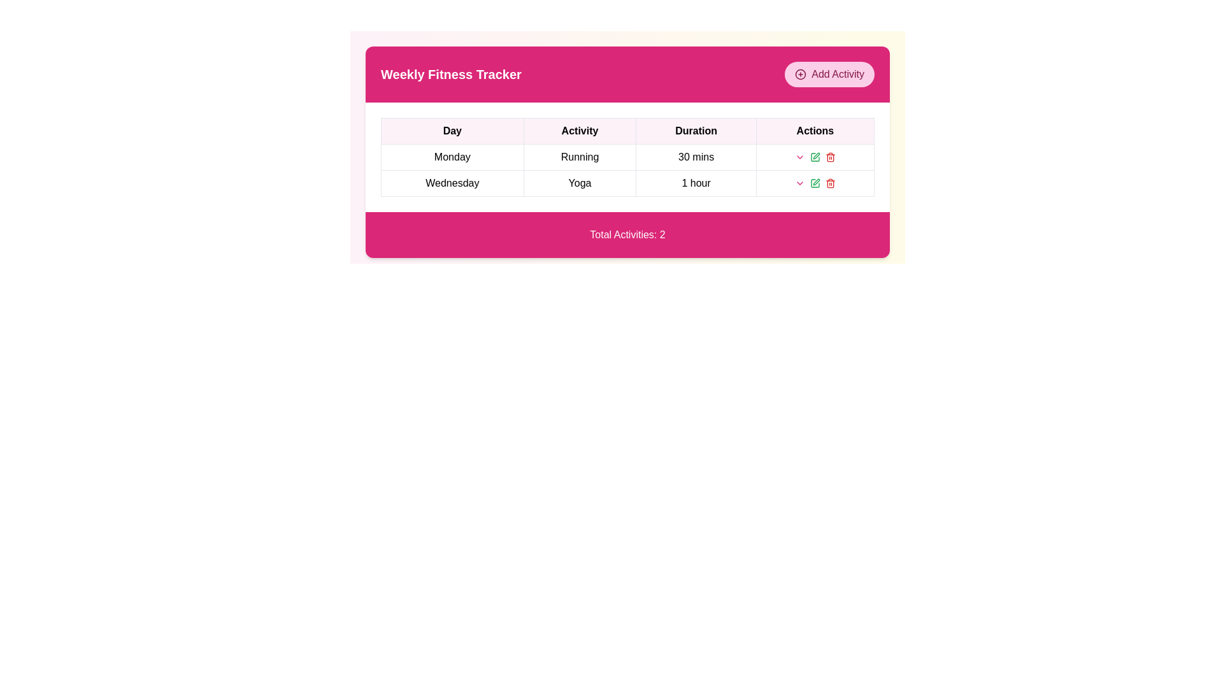 The image size is (1223, 688). I want to click on the interactive icon in the 'Actions' column of the second row corresponding to the 'Yoga' activity, so click(814, 183).